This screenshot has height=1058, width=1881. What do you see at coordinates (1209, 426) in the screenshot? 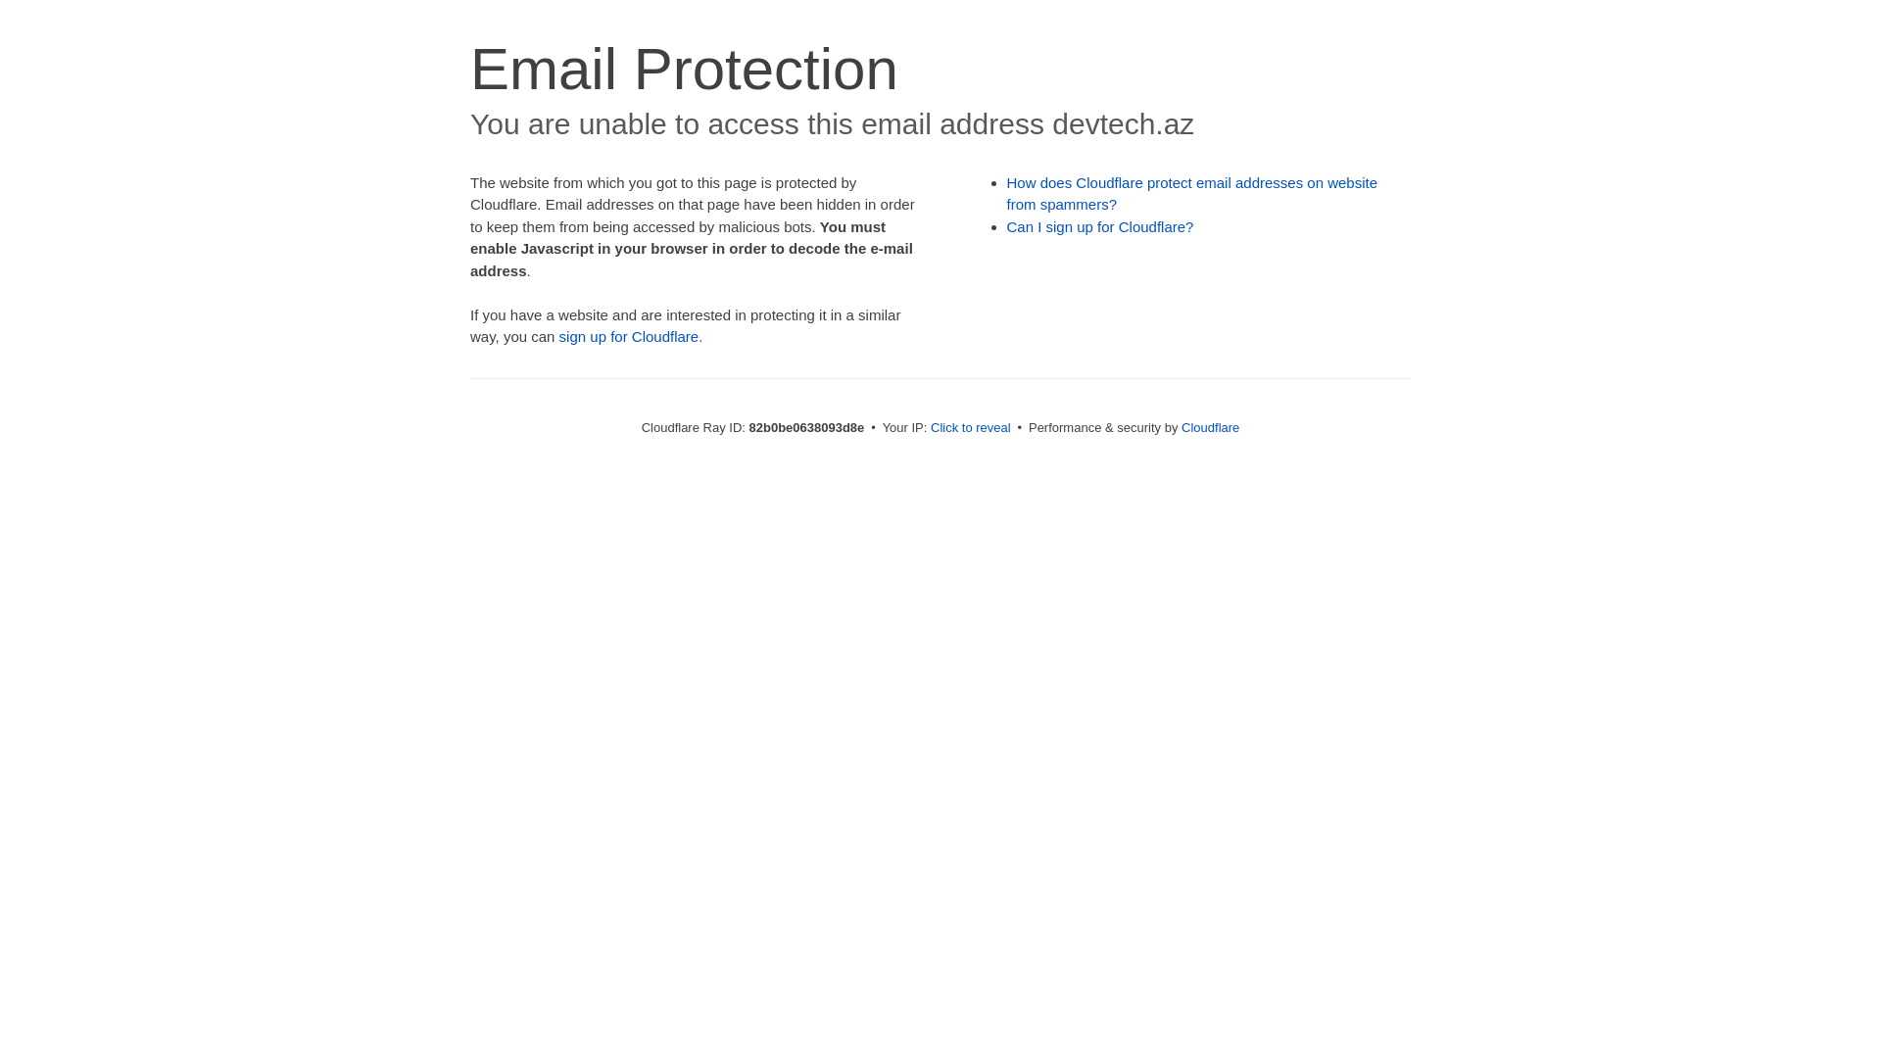
I see `'Cloudflare'` at bounding box center [1209, 426].